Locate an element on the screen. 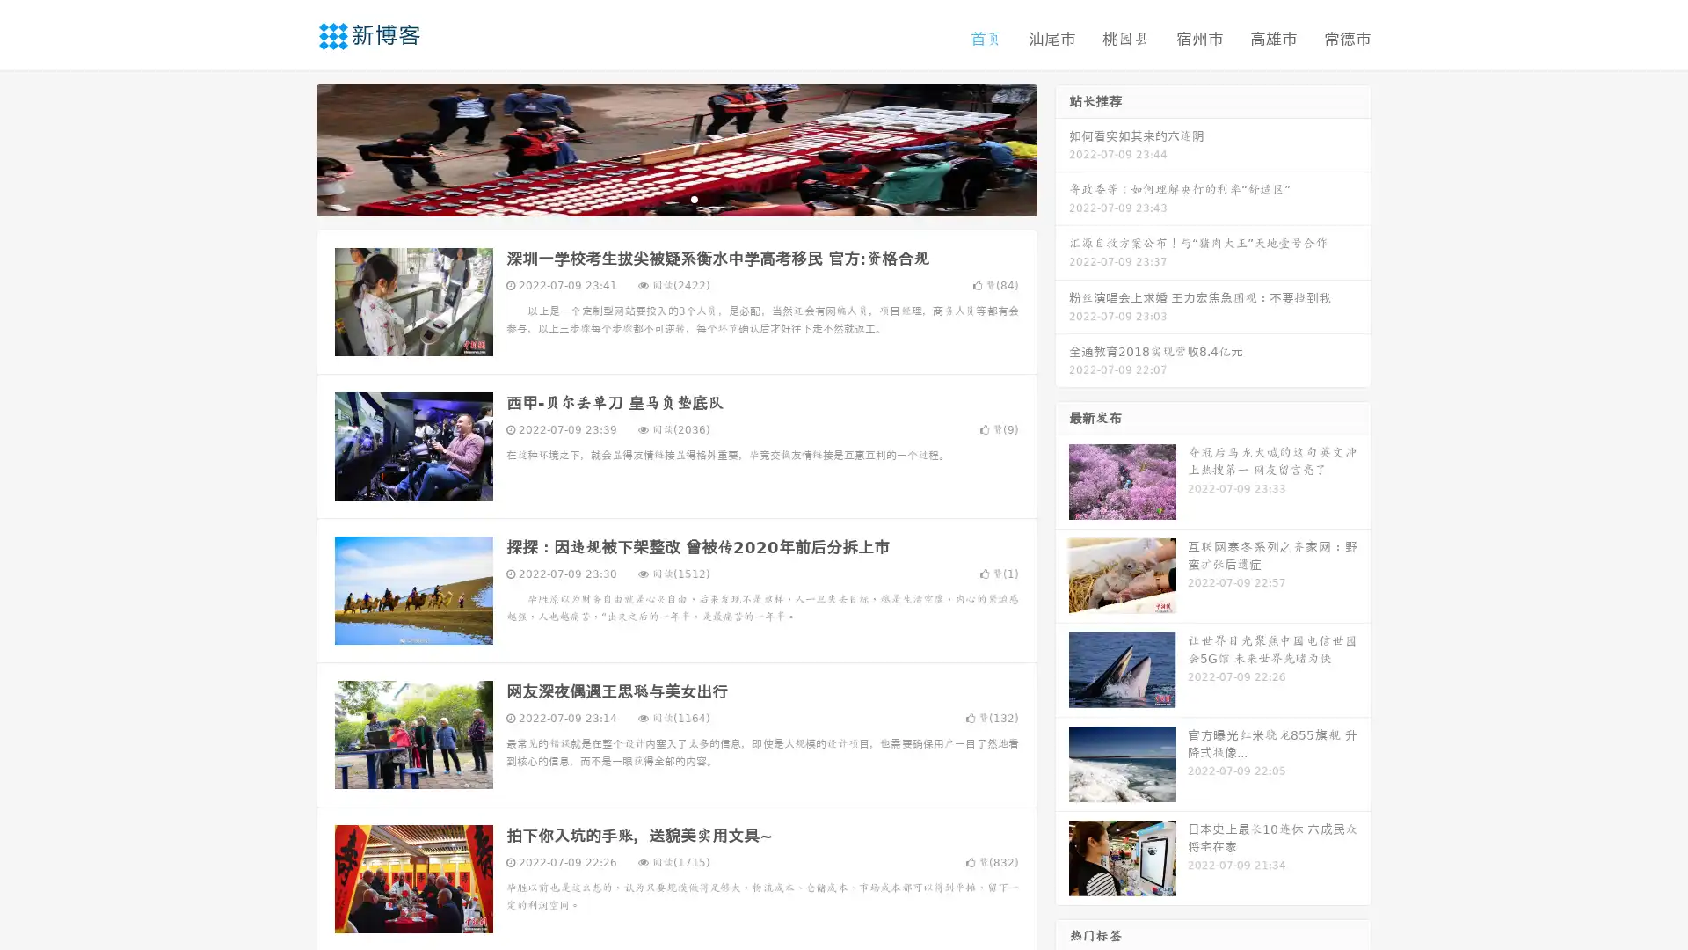 Image resolution: width=1688 pixels, height=950 pixels. Go to slide 1 is located at coordinates (658, 198).